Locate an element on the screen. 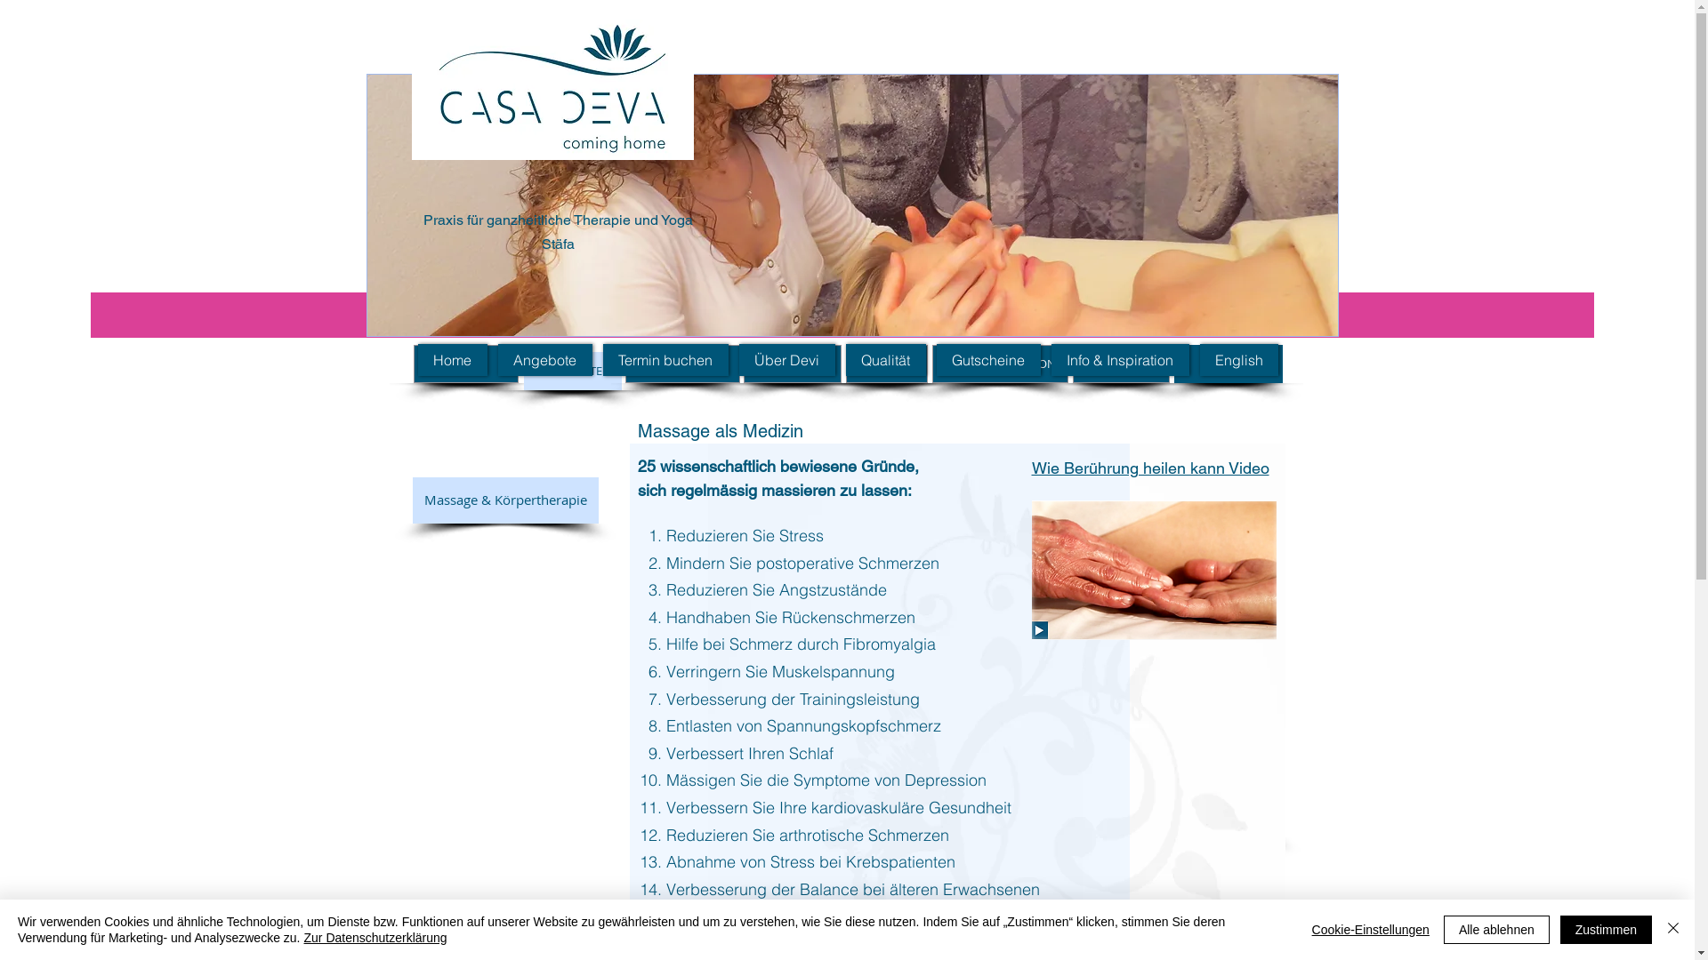  'KONTAKT' is located at coordinates (681, 363).